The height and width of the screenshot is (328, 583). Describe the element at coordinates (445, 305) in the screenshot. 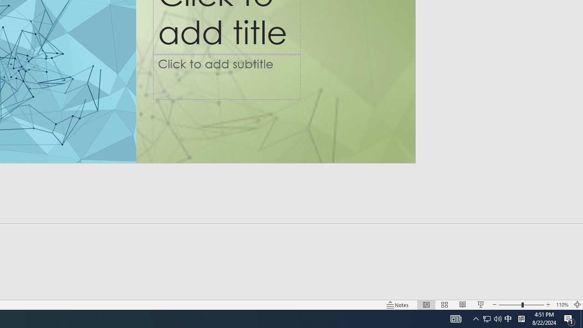

I see `'Slide Sorter'` at that location.